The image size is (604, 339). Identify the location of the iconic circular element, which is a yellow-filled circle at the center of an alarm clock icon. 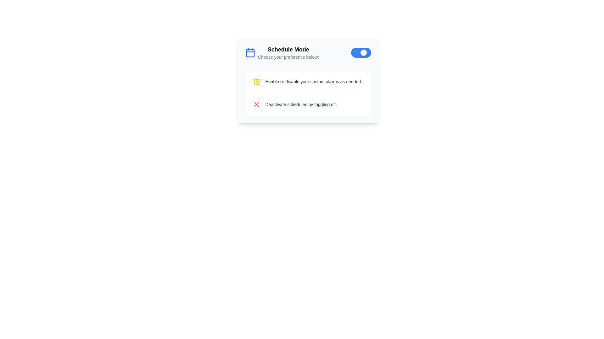
(256, 82).